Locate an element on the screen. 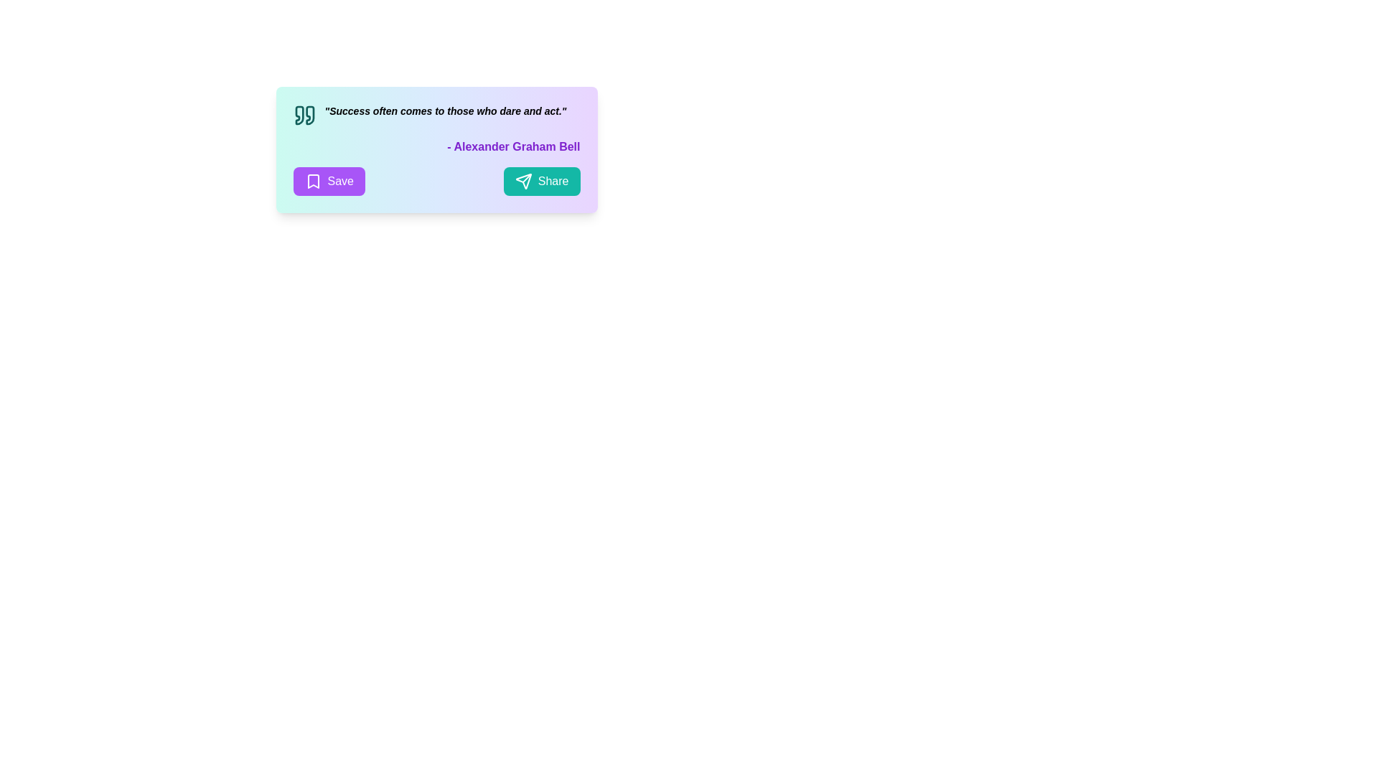 The width and height of the screenshot is (1378, 775). the right quotation mark icon that visually indicates the text is a quotation, located to the left of the text 'Success often comes to those who dare and act.' is located at coordinates (309, 115).